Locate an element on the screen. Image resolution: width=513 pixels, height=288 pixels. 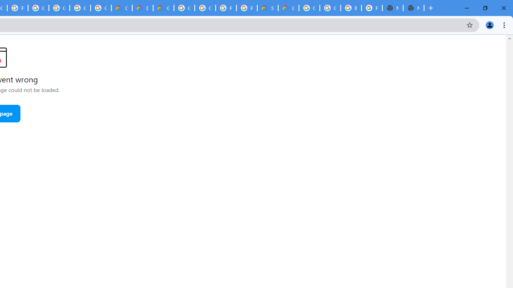
'Gemini for Business and Developers | Google Cloud' is located at coordinates (163, 8).